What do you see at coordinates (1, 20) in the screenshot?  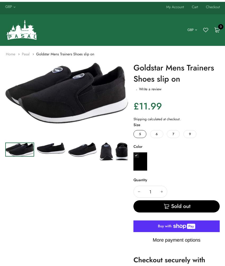 I see `'Money Organizer'` at bounding box center [1, 20].